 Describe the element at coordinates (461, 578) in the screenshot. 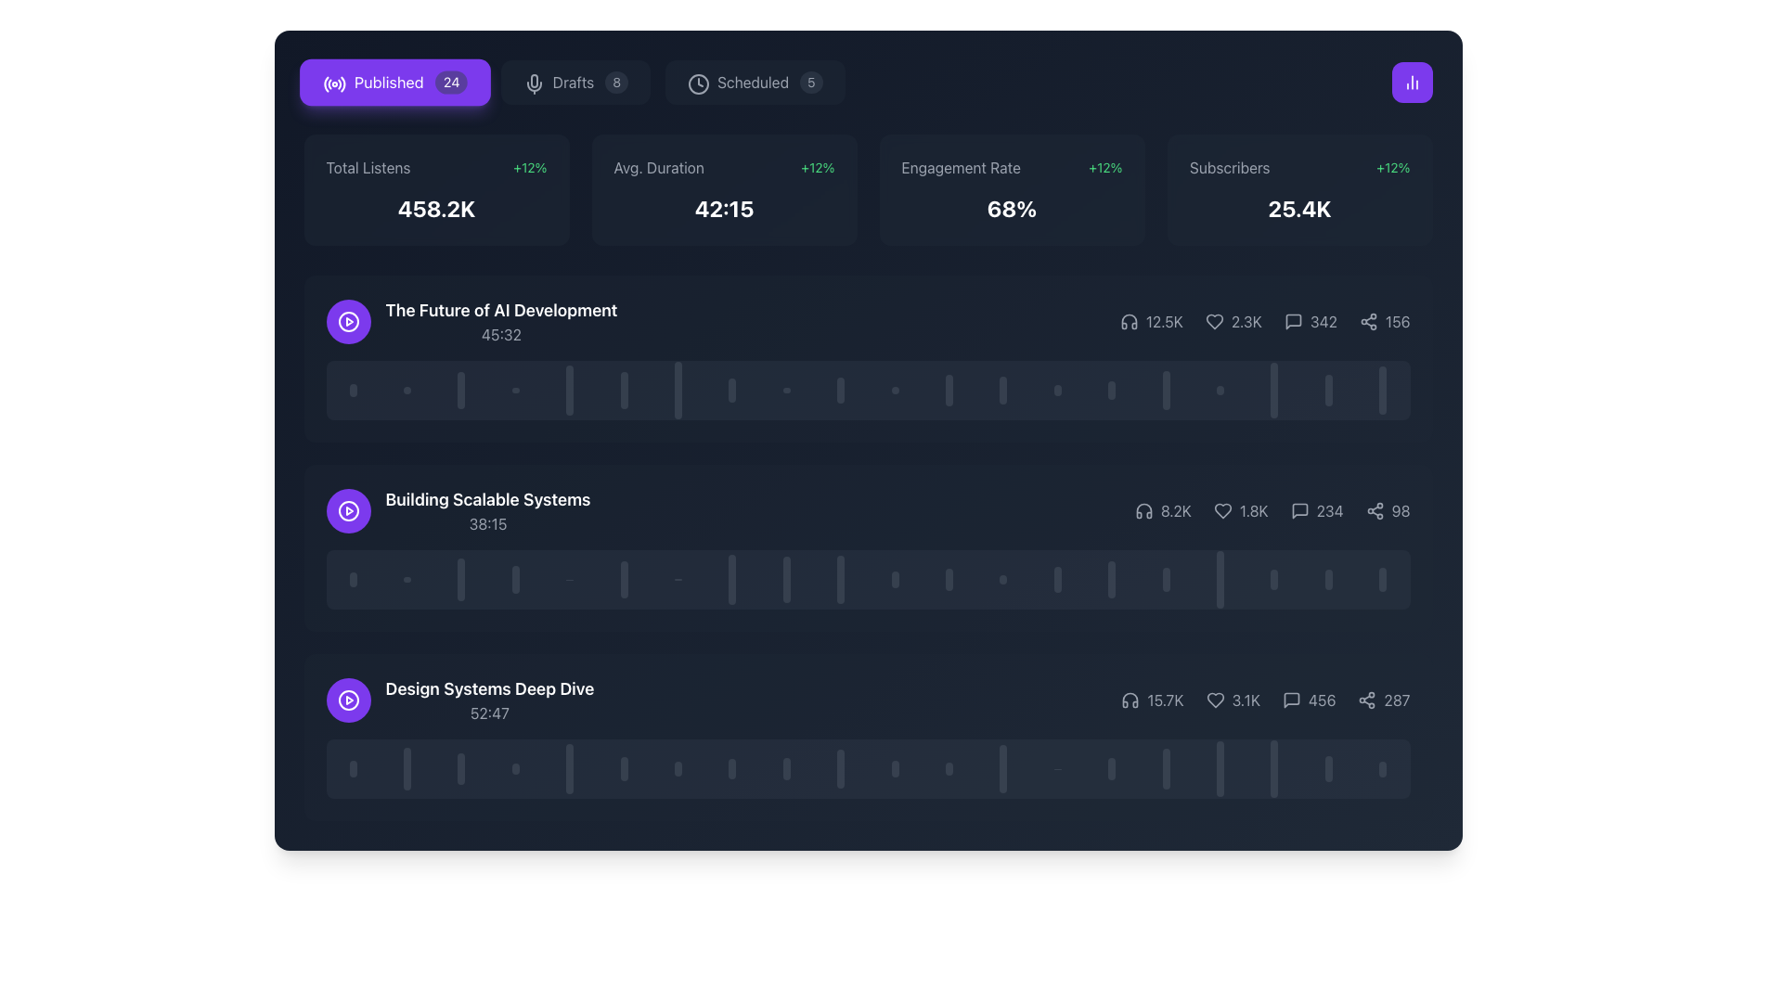

I see `the third vertical progress bar from the left, which is taller than the others and is associated with the 'Building Scalable Systems' item` at that location.